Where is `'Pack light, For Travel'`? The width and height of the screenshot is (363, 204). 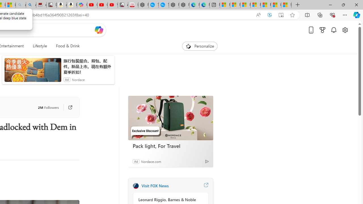 'Pack light, For Travel' is located at coordinates (170, 118).